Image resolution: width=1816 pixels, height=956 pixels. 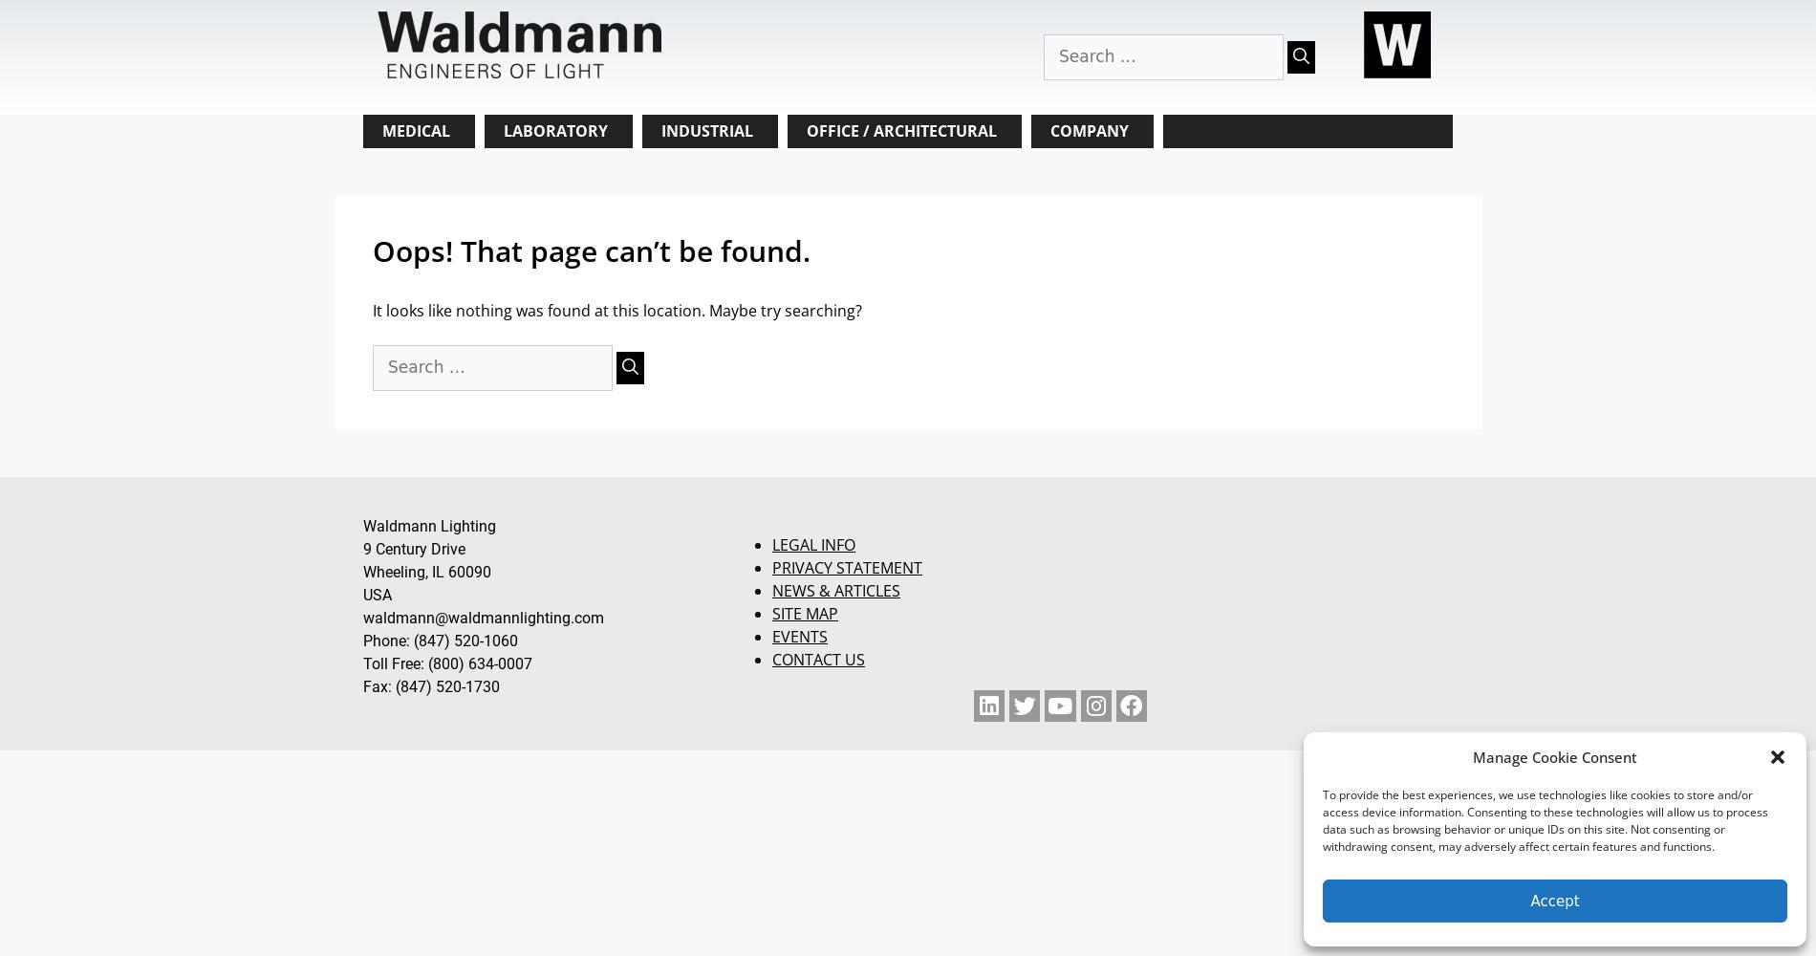 What do you see at coordinates (446, 662) in the screenshot?
I see `'Toll Free: (800) 634-0007'` at bounding box center [446, 662].